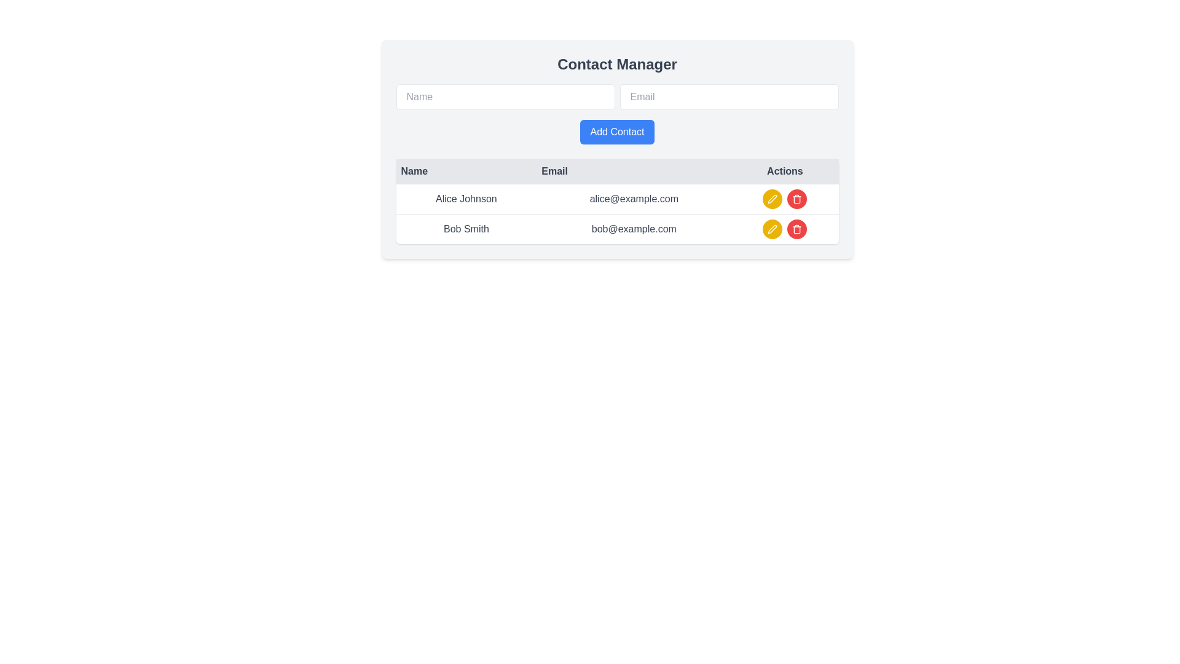  I want to click on the delete button located in the 'Actions' column of the contact management table, so click(797, 199).